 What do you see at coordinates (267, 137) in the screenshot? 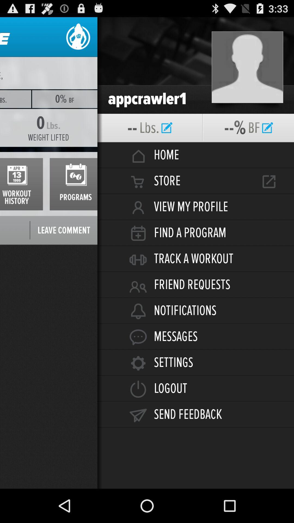
I see `the edit icon` at bounding box center [267, 137].